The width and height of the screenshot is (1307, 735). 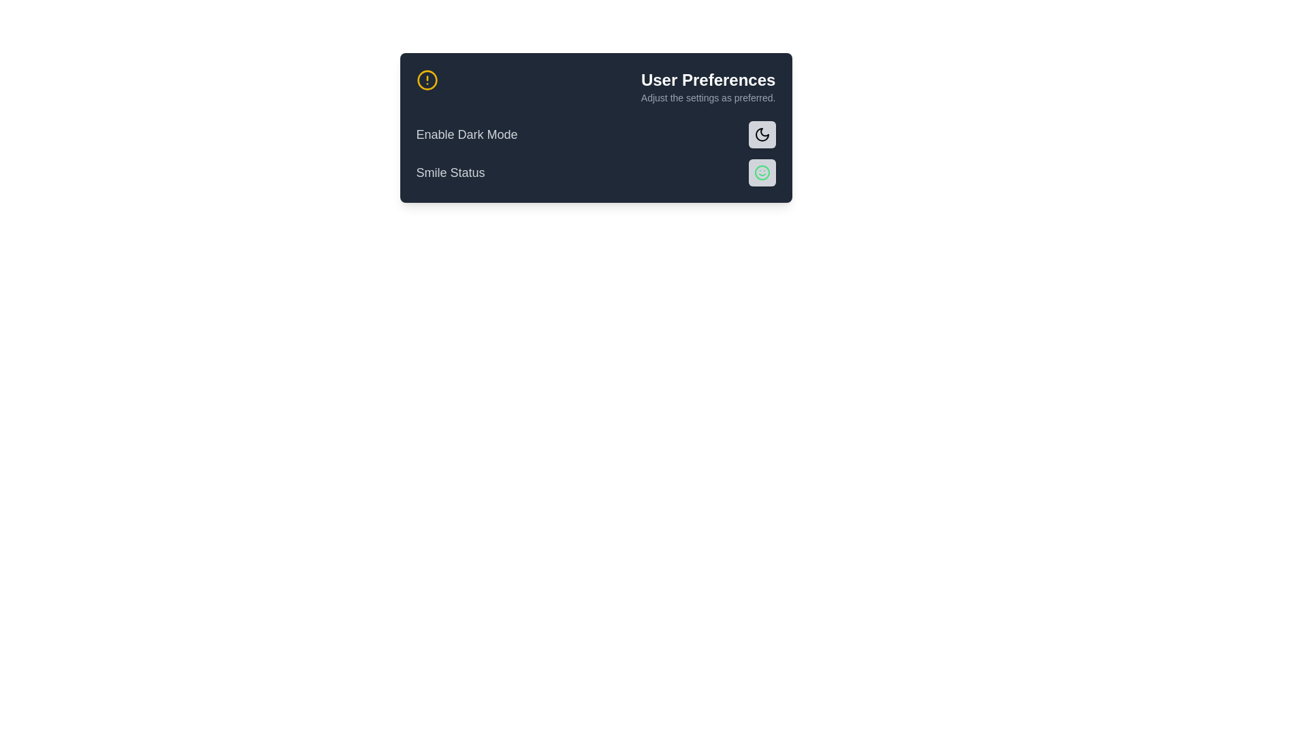 I want to click on the static informational text label located directly beneath 'User Preferences' in the top-right corner of the card-style section, so click(x=708, y=97).